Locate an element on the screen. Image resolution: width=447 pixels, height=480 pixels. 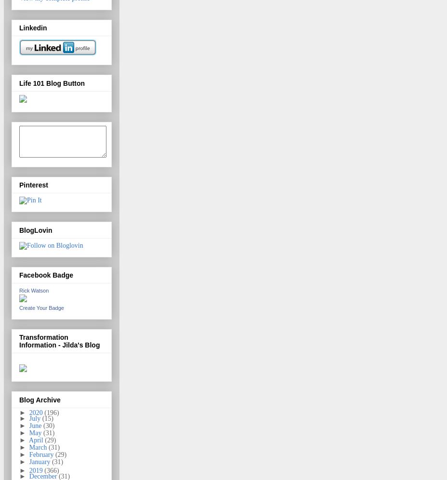
'Linkedin' is located at coordinates (32, 27).